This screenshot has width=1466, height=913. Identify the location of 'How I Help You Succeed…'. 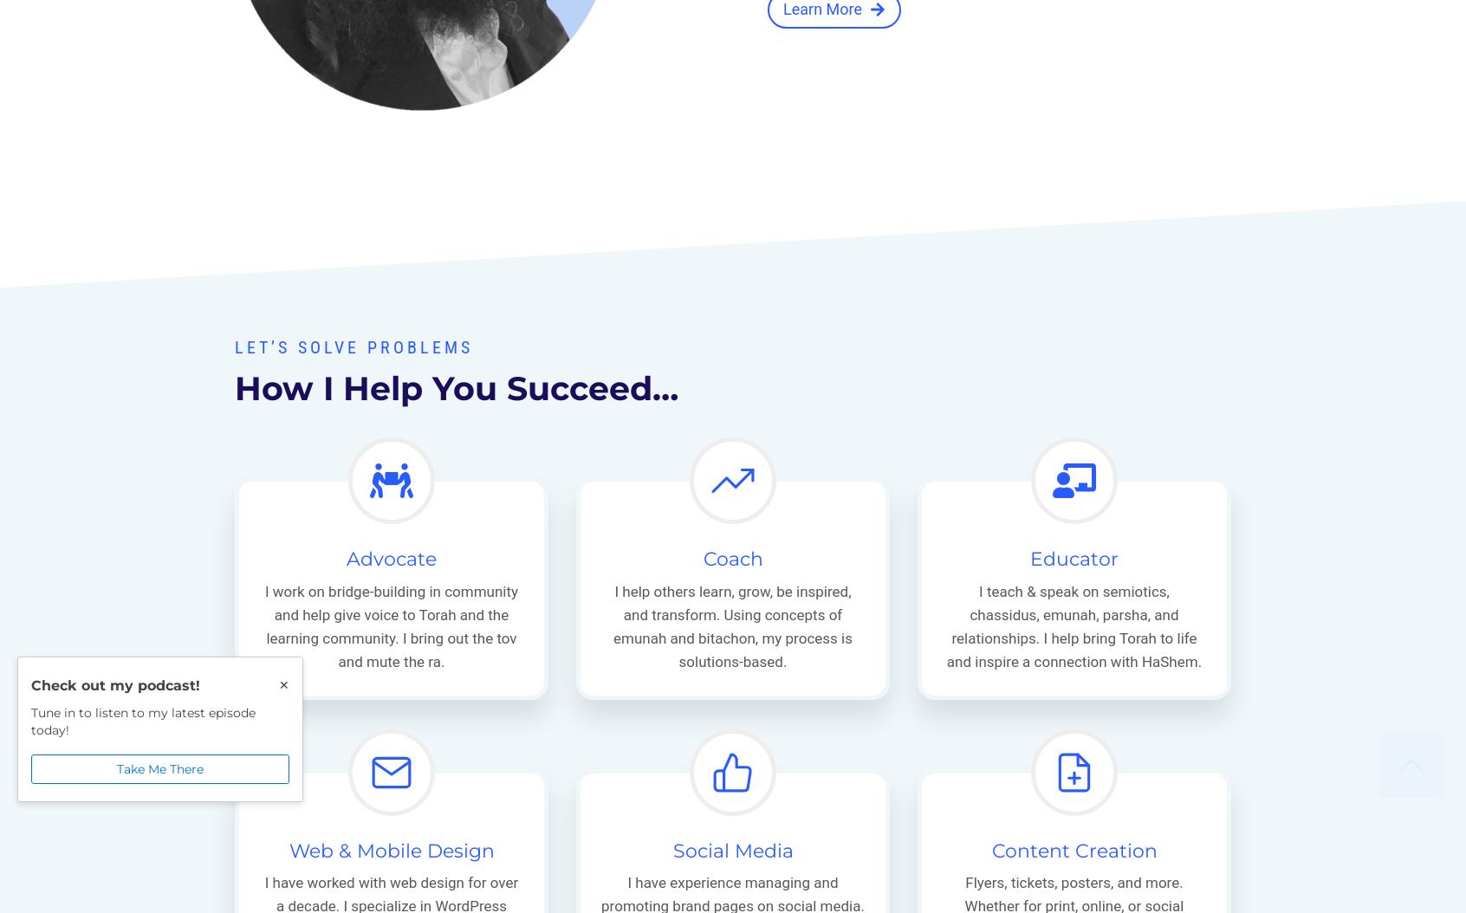
(457, 387).